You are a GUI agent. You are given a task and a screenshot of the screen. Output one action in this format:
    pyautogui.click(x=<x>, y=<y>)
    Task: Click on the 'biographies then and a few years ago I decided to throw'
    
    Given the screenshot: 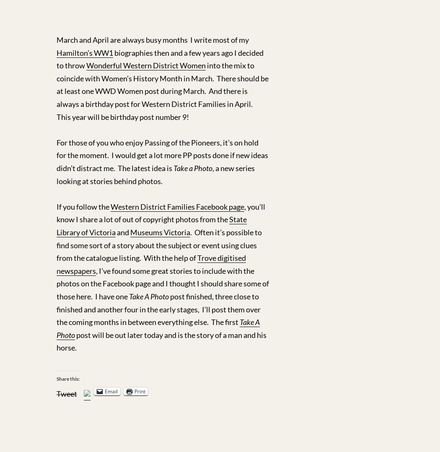 What is the action you would take?
    pyautogui.click(x=160, y=59)
    